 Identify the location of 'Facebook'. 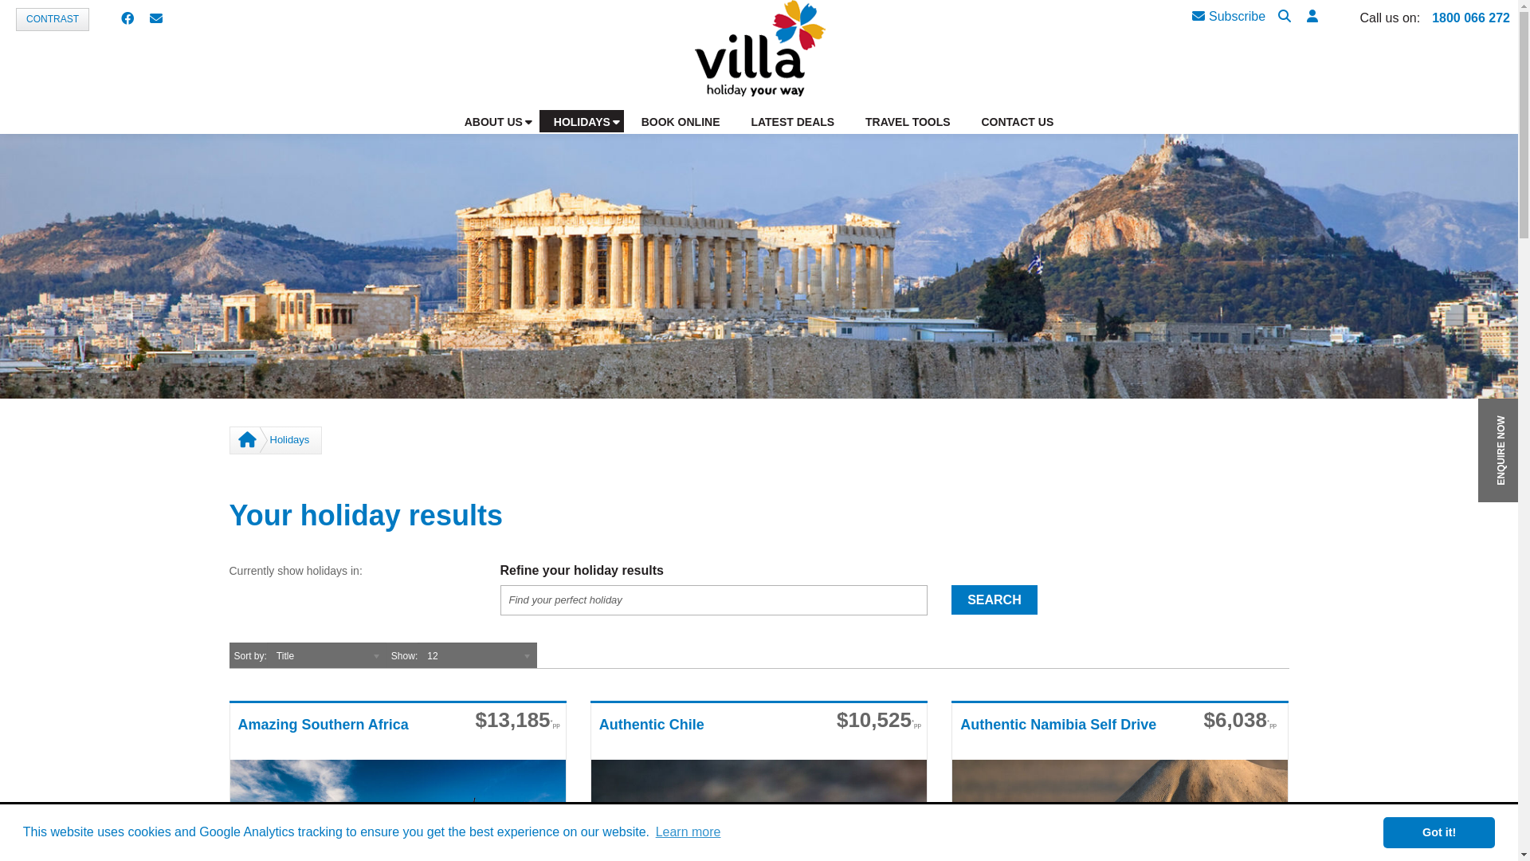
(120, 19).